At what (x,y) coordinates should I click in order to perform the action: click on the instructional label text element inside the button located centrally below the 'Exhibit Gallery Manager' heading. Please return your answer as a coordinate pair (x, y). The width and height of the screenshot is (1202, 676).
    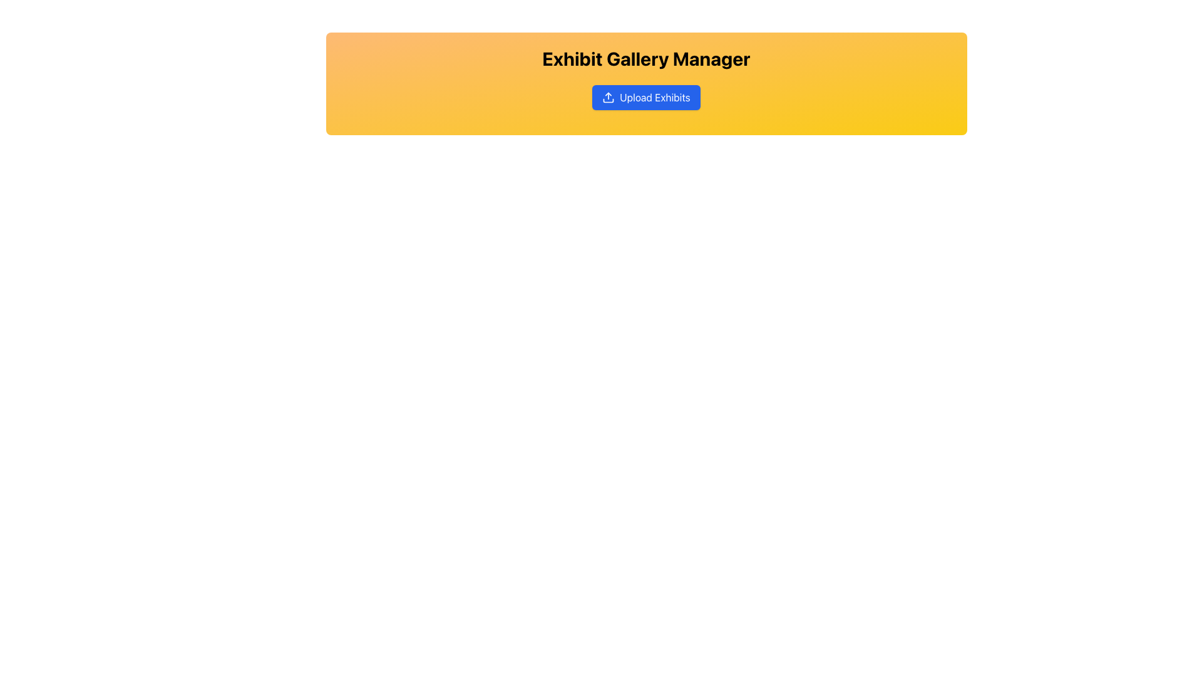
    Looking at the image, I should click on (654, 96).